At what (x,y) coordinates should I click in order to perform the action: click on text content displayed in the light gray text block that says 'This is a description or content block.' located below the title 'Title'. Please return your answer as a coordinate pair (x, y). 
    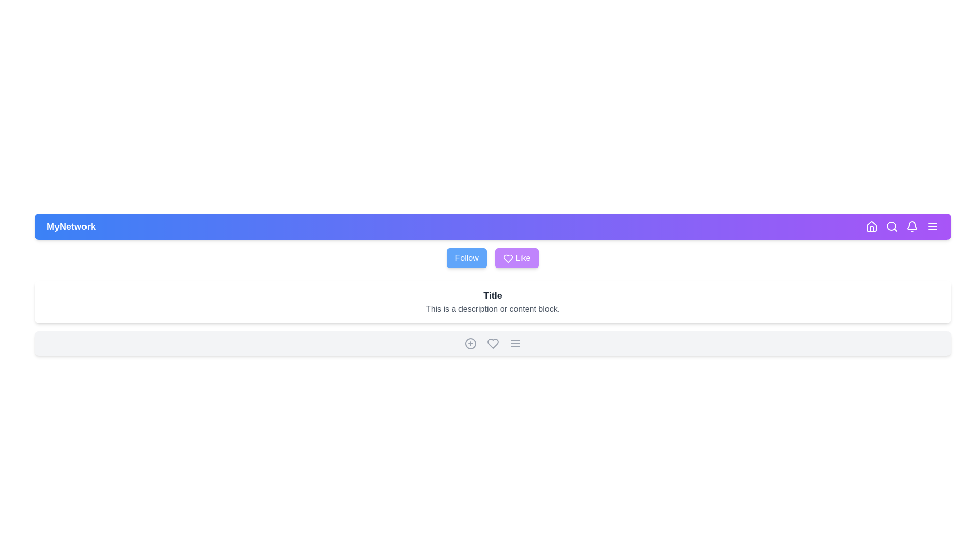
    Looking at the image, I should click on (493, 309).